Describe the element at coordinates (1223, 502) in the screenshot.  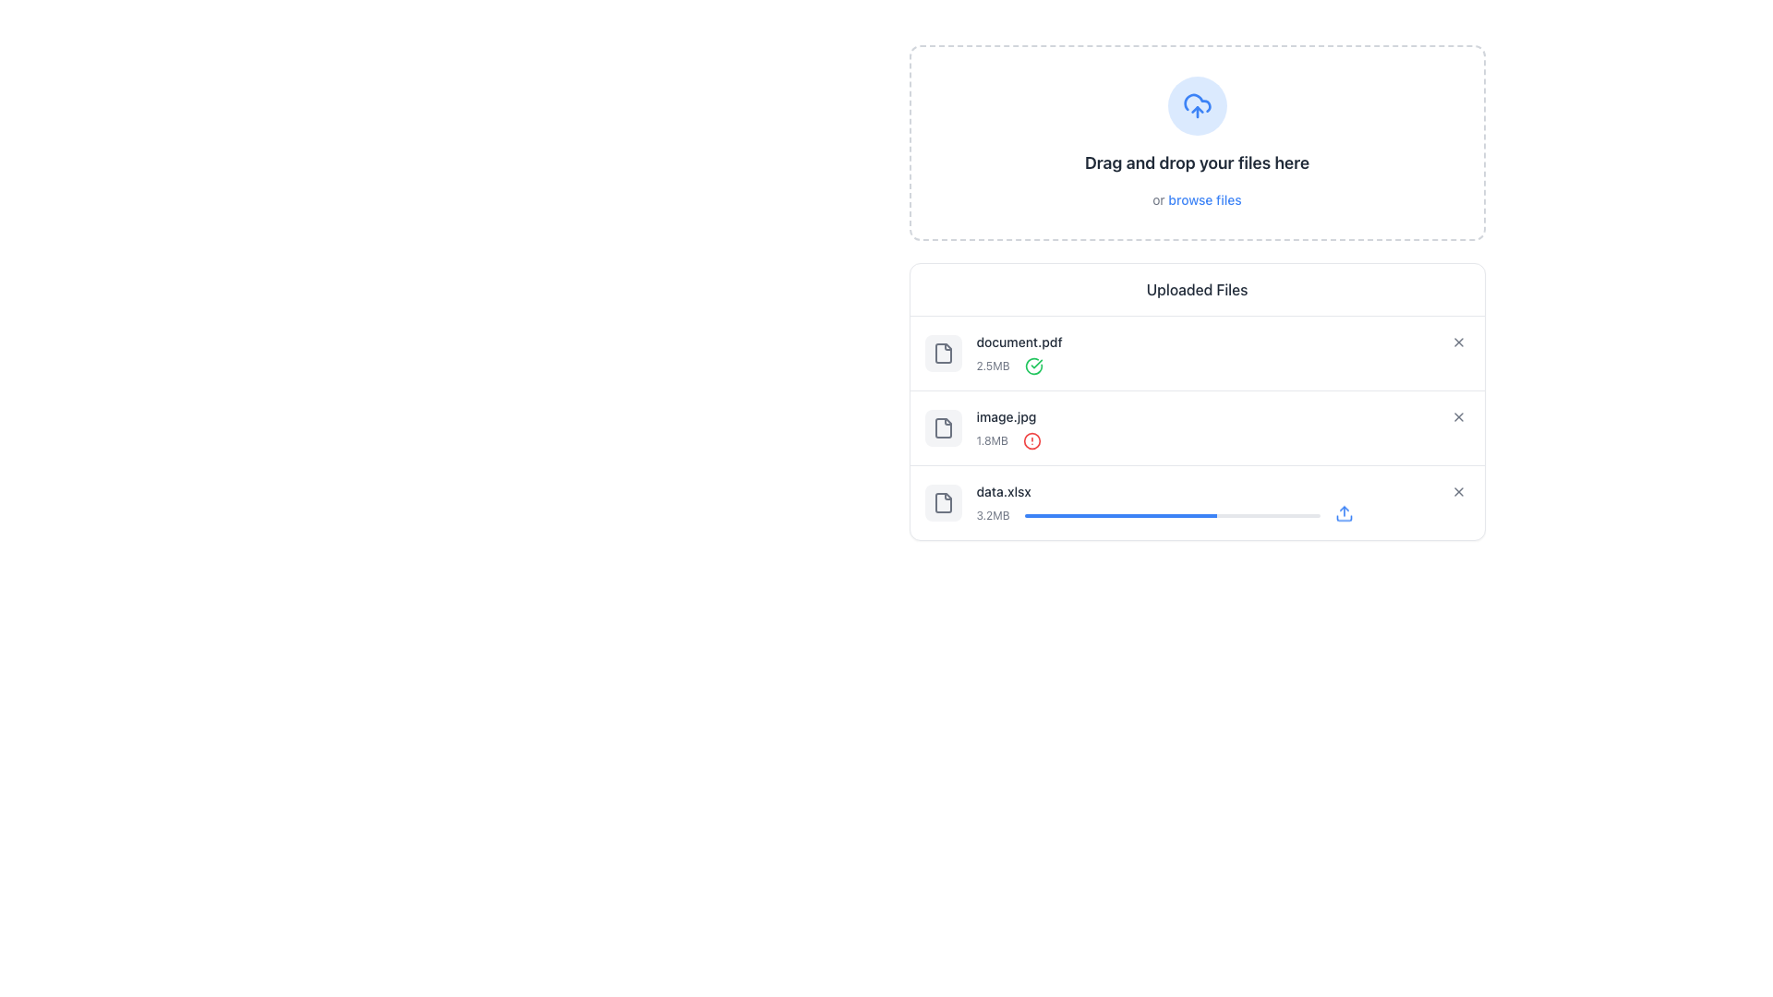
I see `the progress bar of the third file item in the 'Uploaded Files' section to interact with it` at that location.